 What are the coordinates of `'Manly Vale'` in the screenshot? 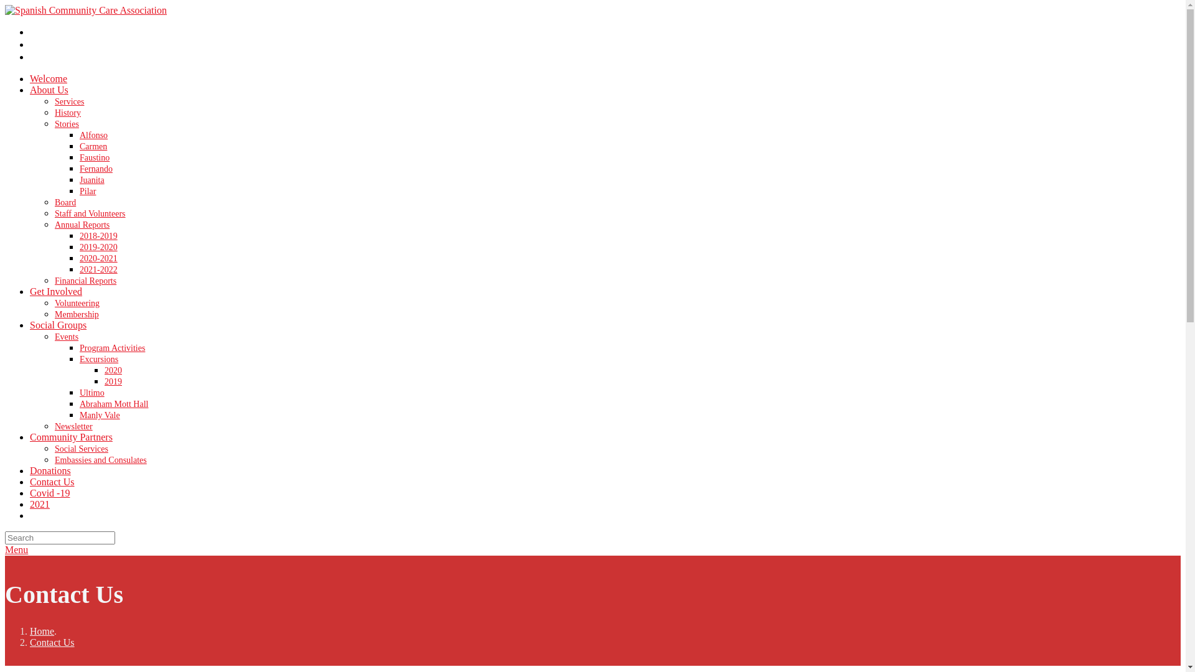 It's located at (100, 415).